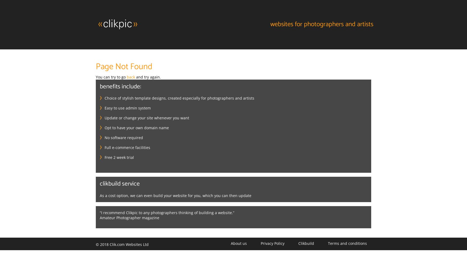  What do you see at coordinates (131, 77) in the screenshot?
I see `'back'` at bounding box center [131, 77].